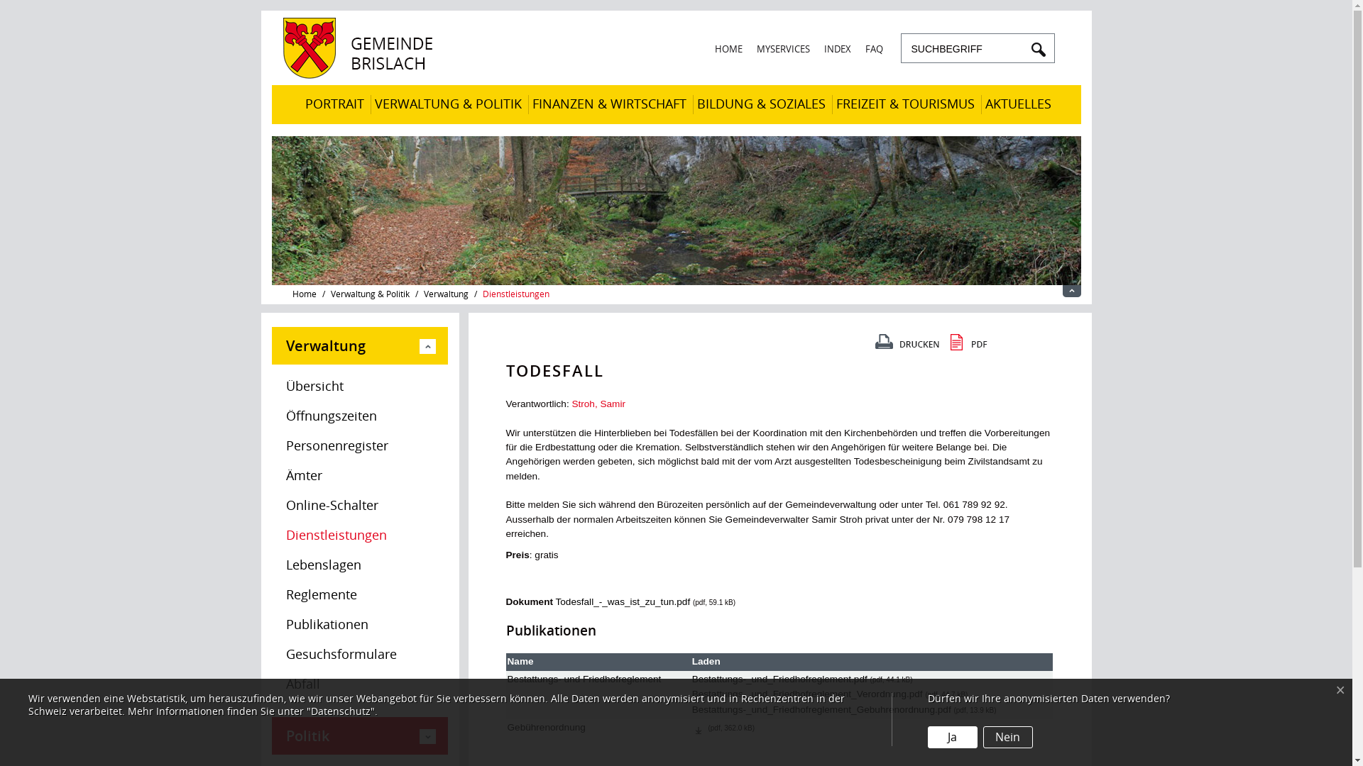 This screenshot has height=766, width=1363. Describe the element at coordinates (571, 404) in the screenshot. I see `'Stroh, Samir'` at that location.